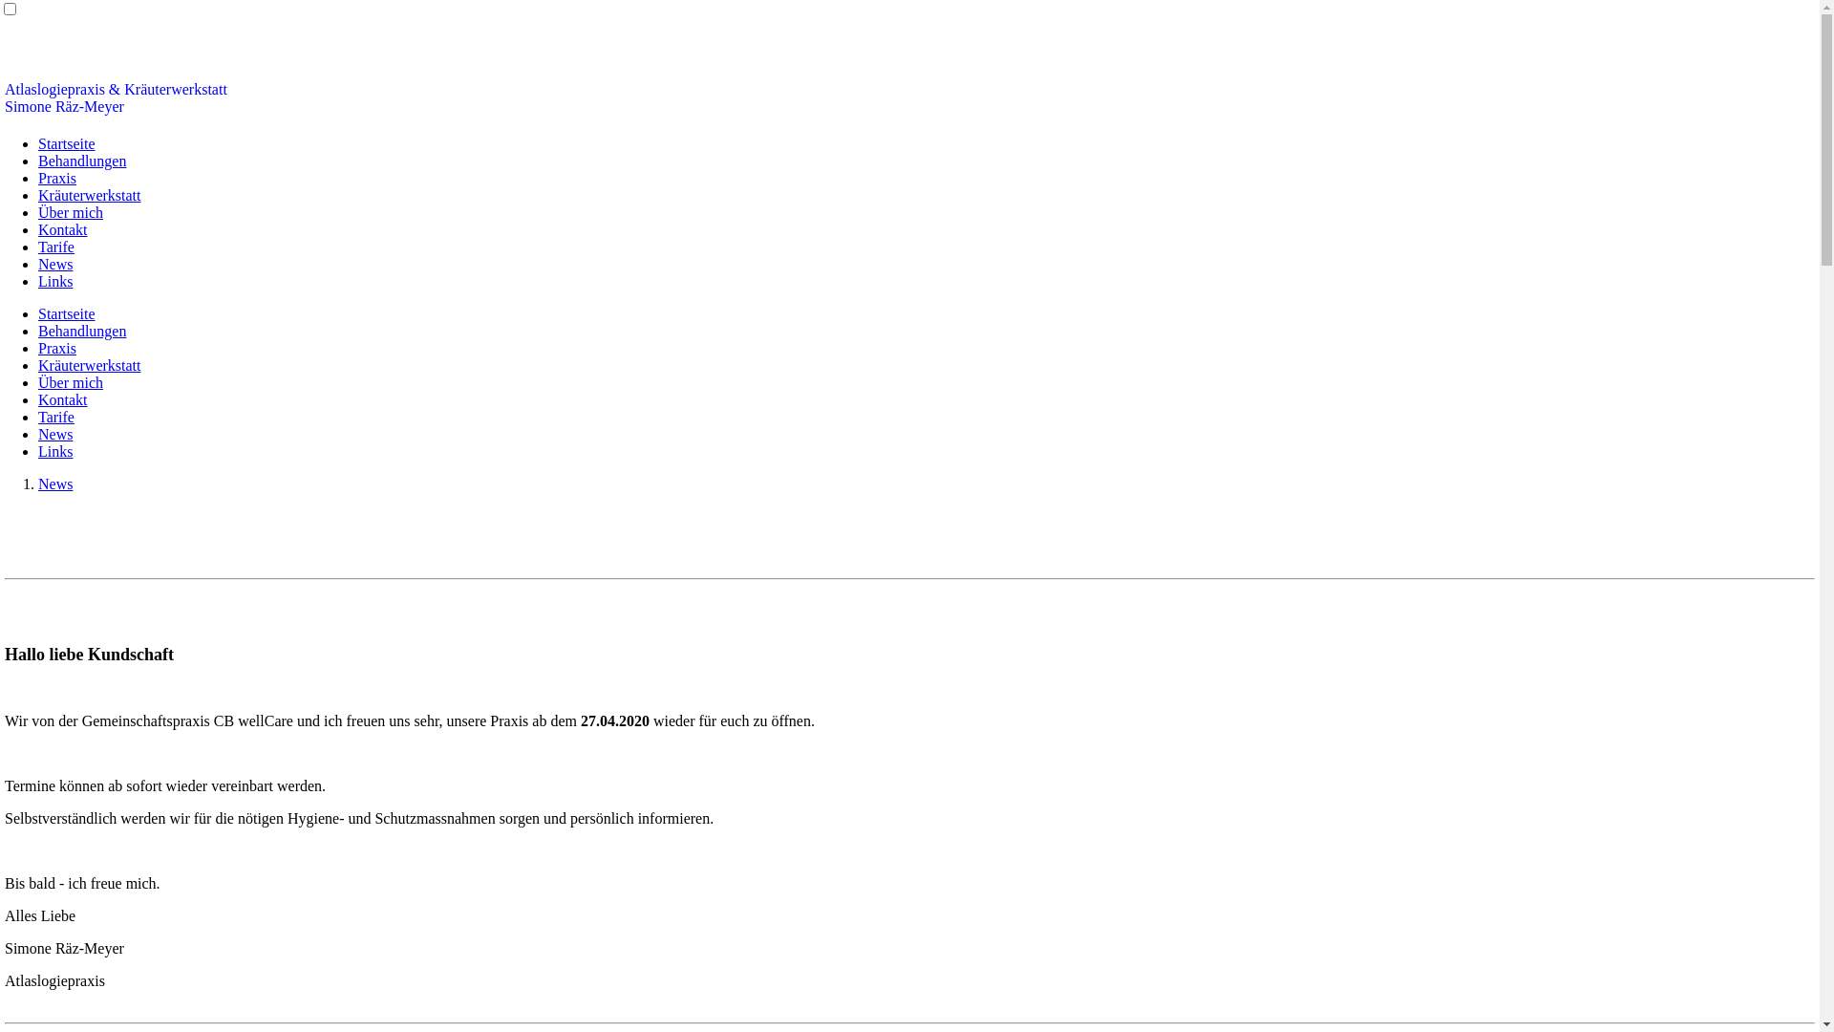  What do you see at coordinates (37, 246) in the screenshot?
I see `'Tarife'` at bounding box center [37, 246].